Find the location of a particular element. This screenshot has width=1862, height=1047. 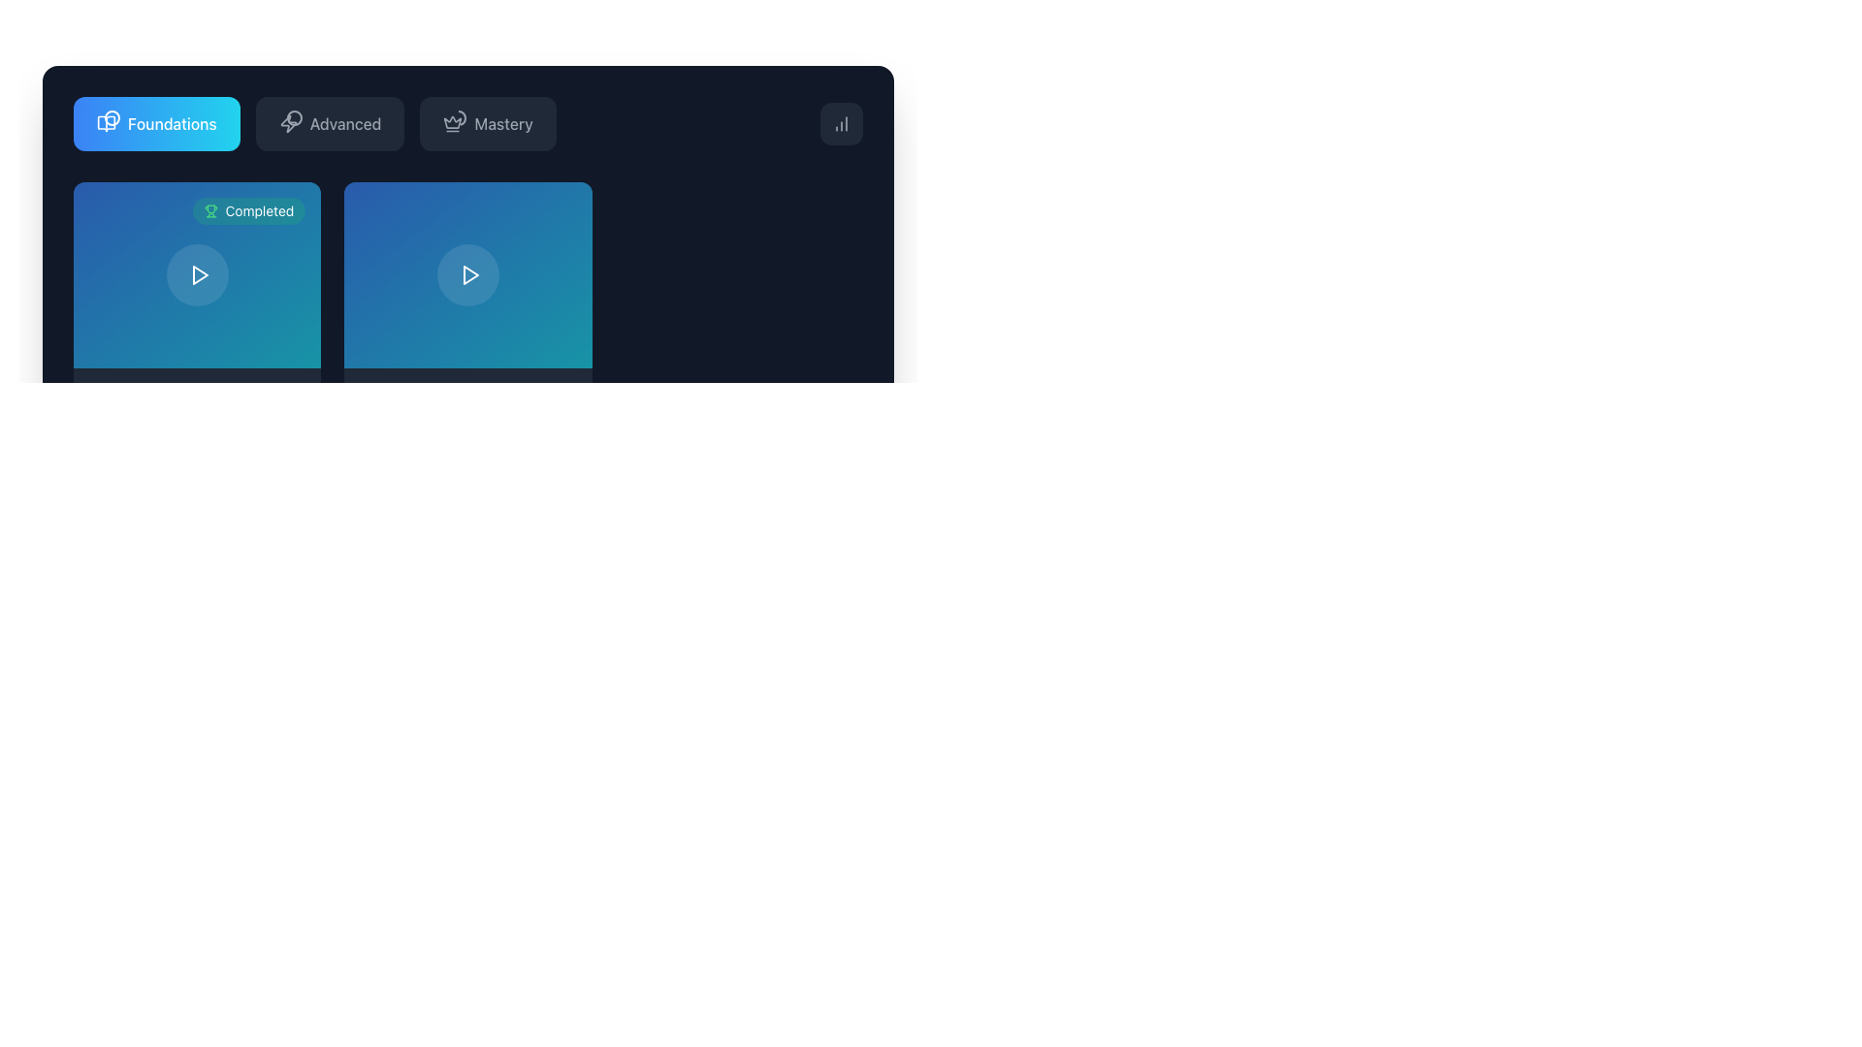

the 'Advanced' button icon, which is located near the left side of the 'Advanced' button that represents advanced capabilities is located at coordinates (287, 123).